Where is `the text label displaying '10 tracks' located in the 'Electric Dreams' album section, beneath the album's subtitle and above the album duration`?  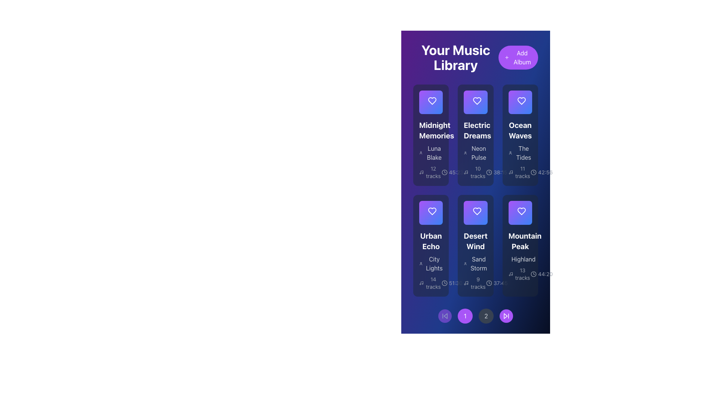
the text label displaying '10 tracks' located in the 'Electric Dreams' album section, beneath the album's subtitle and above the album duration is located at coordinates (478, 172).